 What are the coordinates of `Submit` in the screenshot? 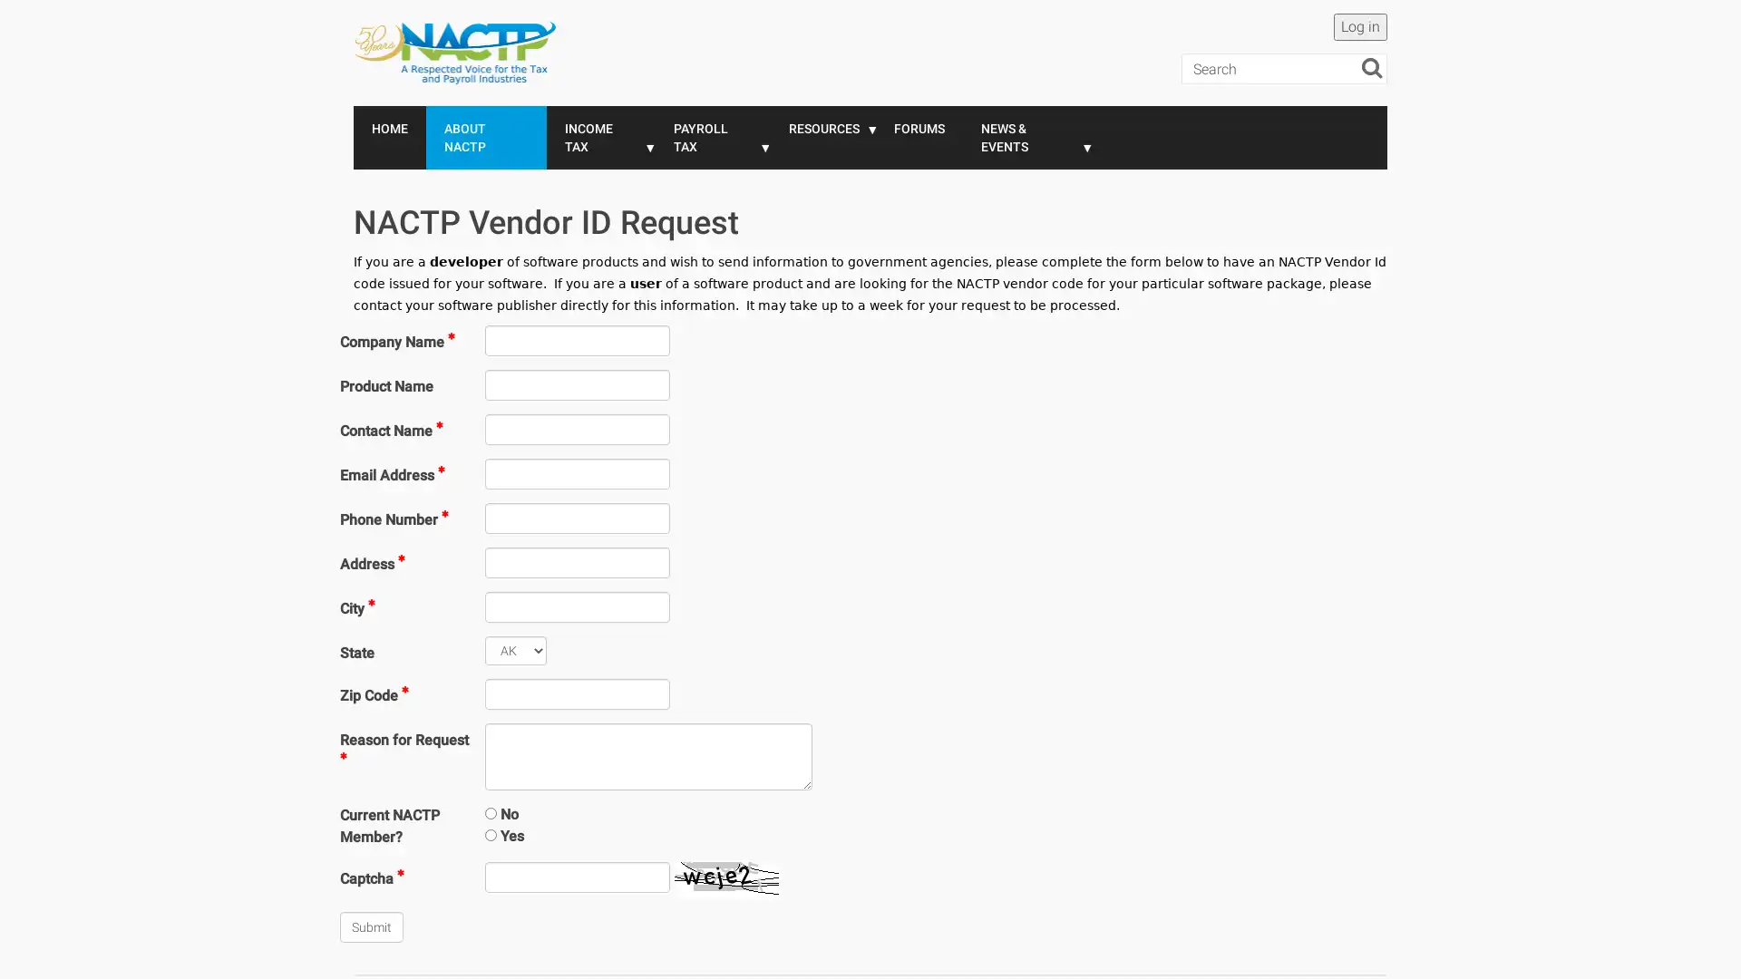 It's located at (370, 926).